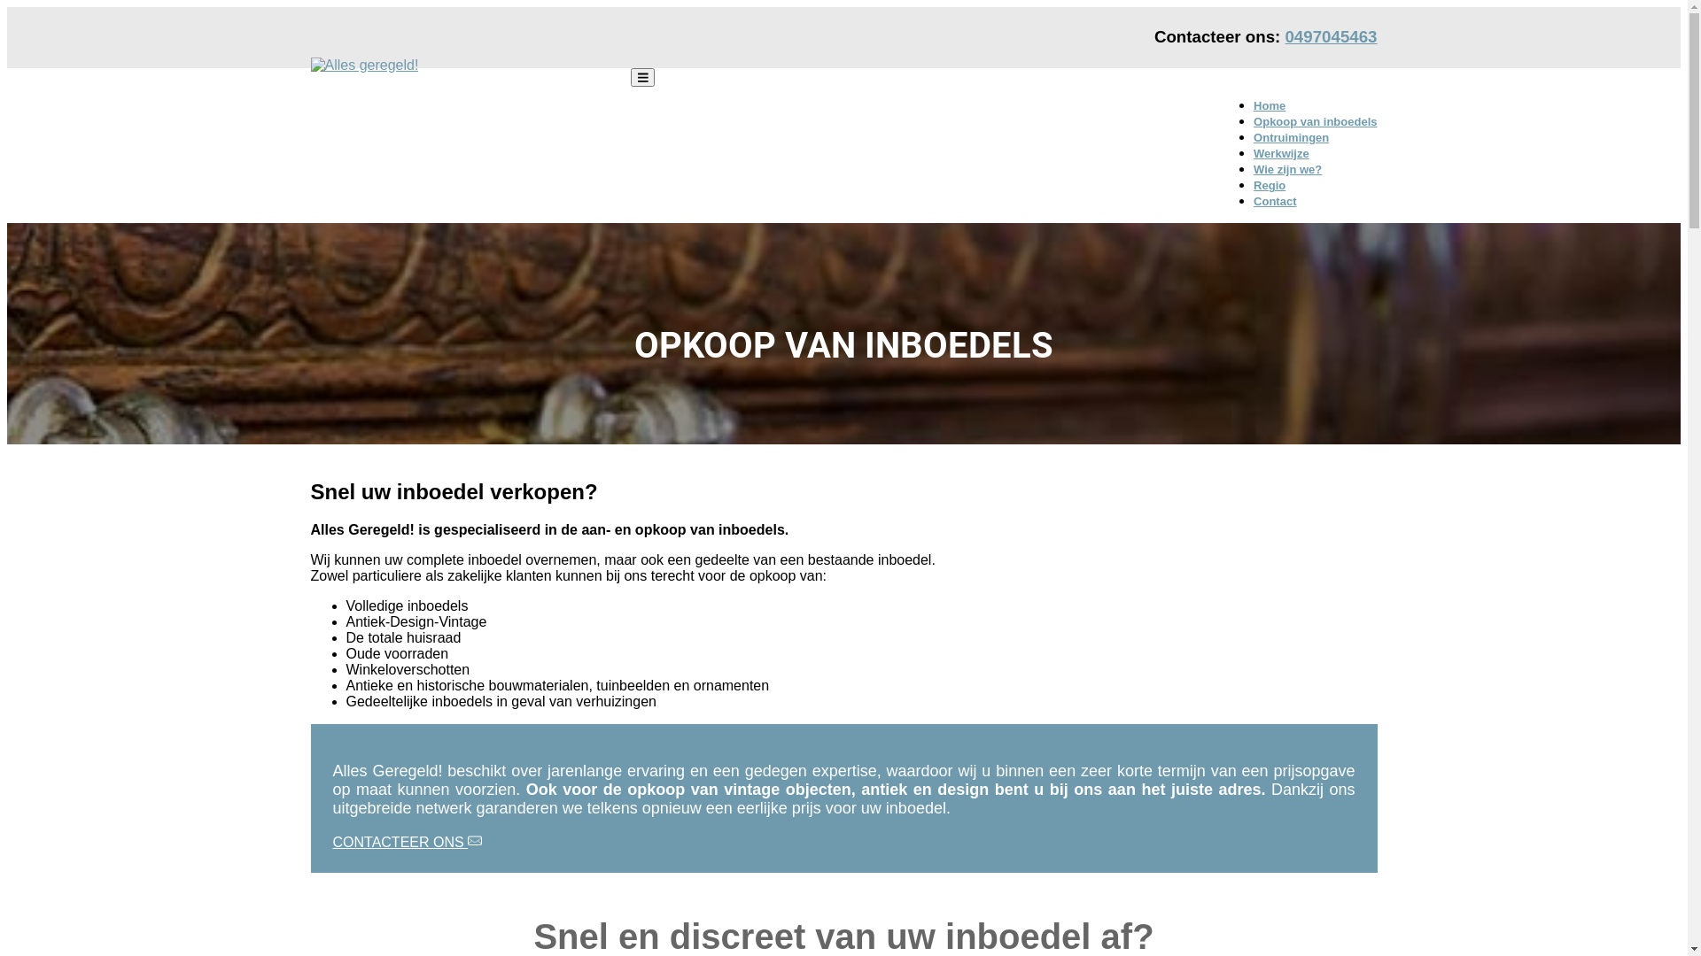 Image resolution: width=1701 pixels, height=956 pixels. I want to click on 'Skip to content', so click(6, 6).